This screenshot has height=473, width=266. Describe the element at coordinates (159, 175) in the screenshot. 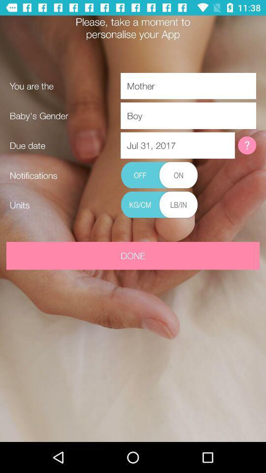

I see `notification oppoin` at that location.